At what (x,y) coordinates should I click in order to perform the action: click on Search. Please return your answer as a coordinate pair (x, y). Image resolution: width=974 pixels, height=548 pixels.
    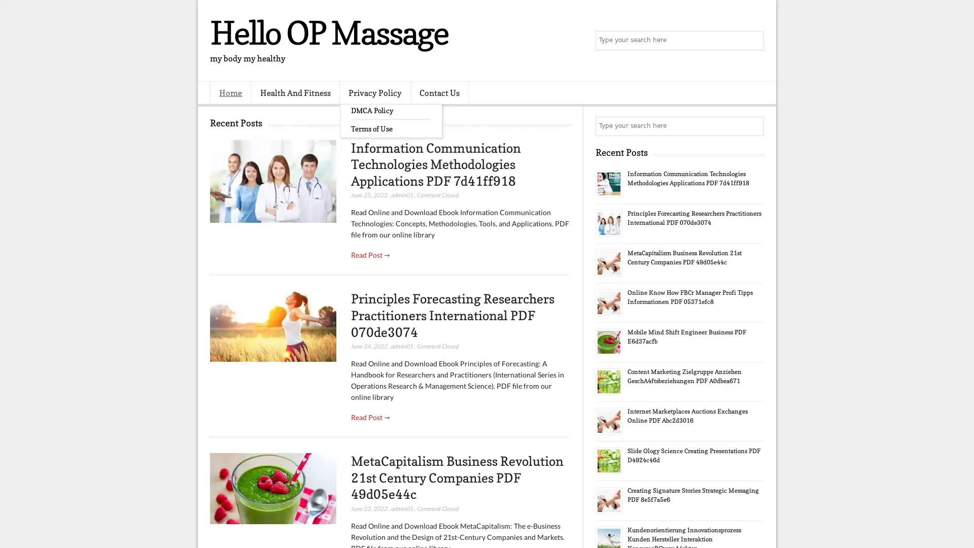
    Looking at the image, I should click on (753, 41).